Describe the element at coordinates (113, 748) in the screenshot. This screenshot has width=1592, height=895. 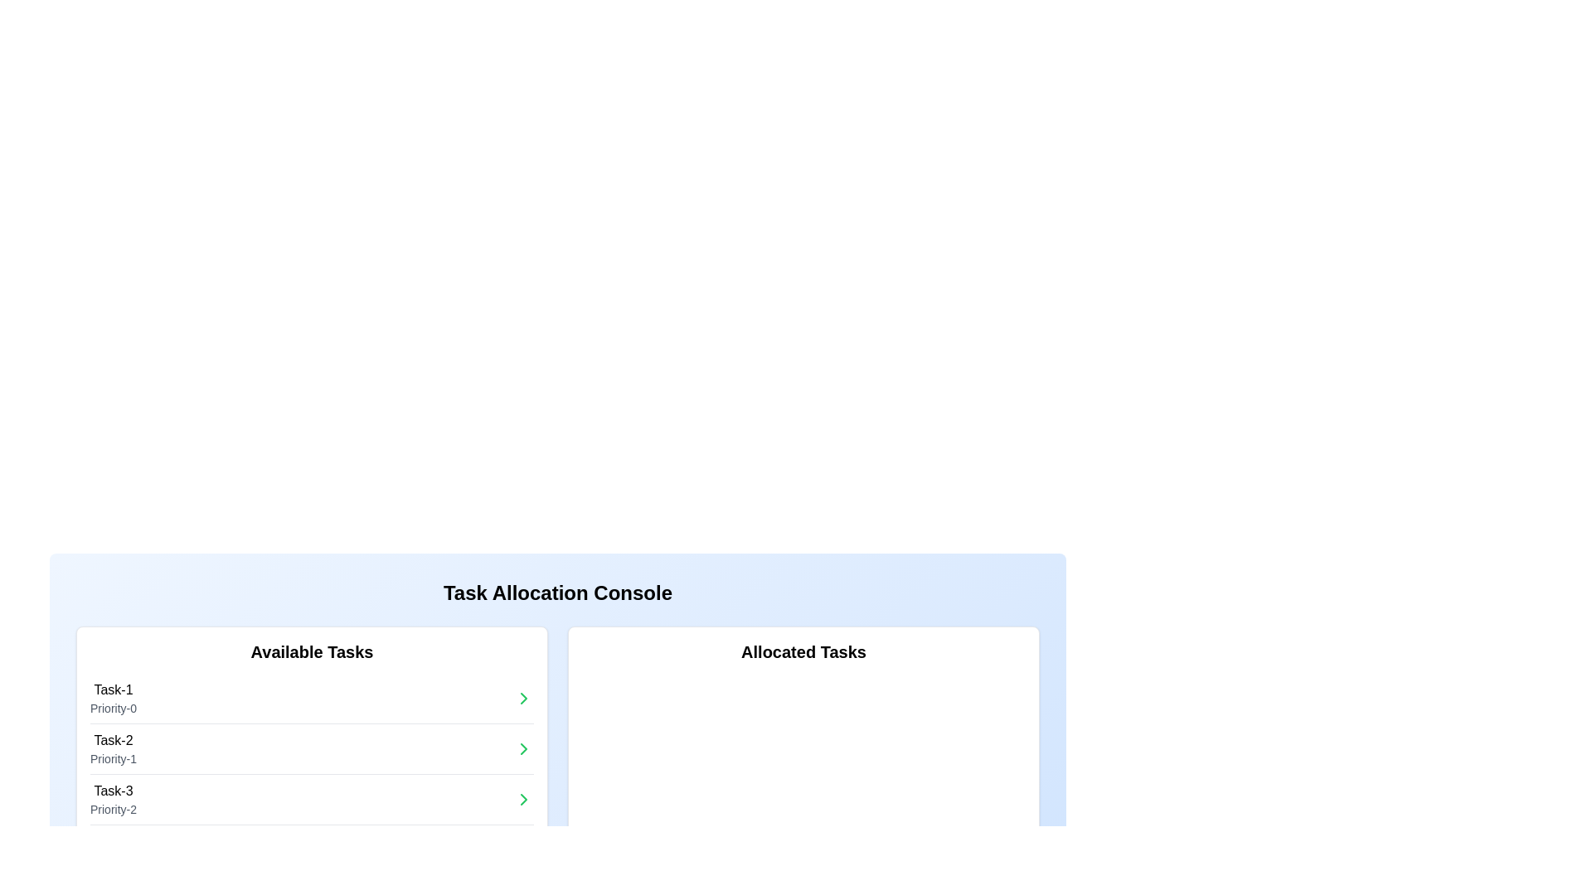
I see `the text label for 'Task-2' with priority 'Priority-1' in the 'Available Tasks' column` at that location.